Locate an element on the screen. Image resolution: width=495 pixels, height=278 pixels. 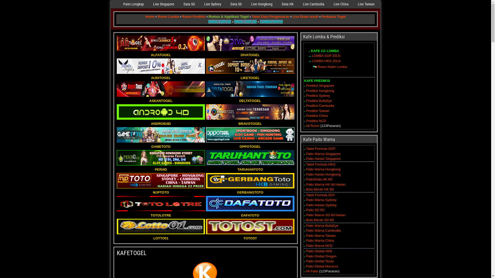
'Bandar Judi Online Terpercaya ASEANTOGEL' is located at coordinates (161, 89).